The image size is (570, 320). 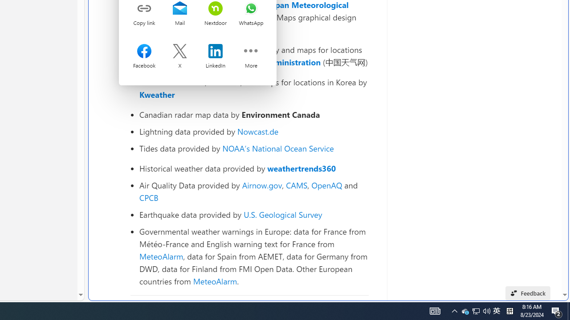 I want to click on 'Share on whatsapp', so click(x=250, y=9).